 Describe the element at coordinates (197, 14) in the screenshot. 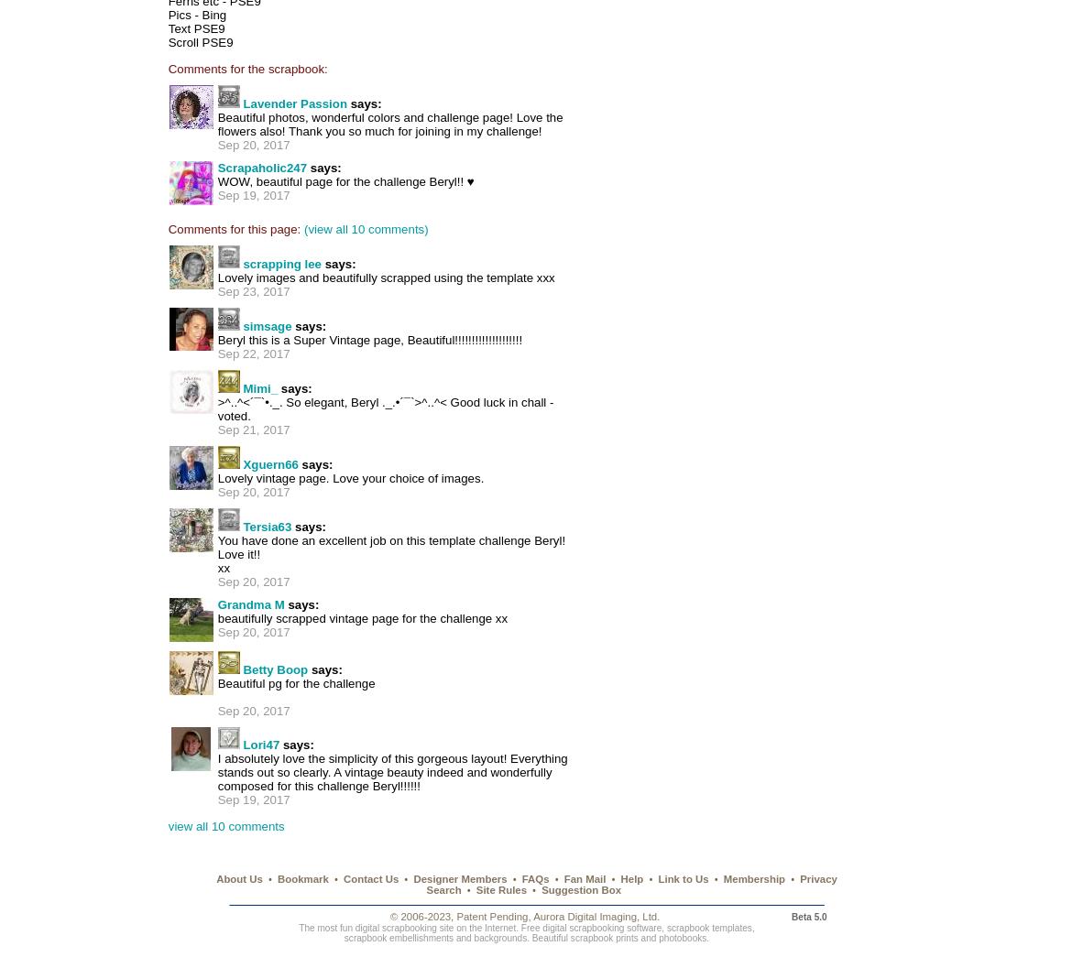

I see `'Pics - Bing'` at that location.